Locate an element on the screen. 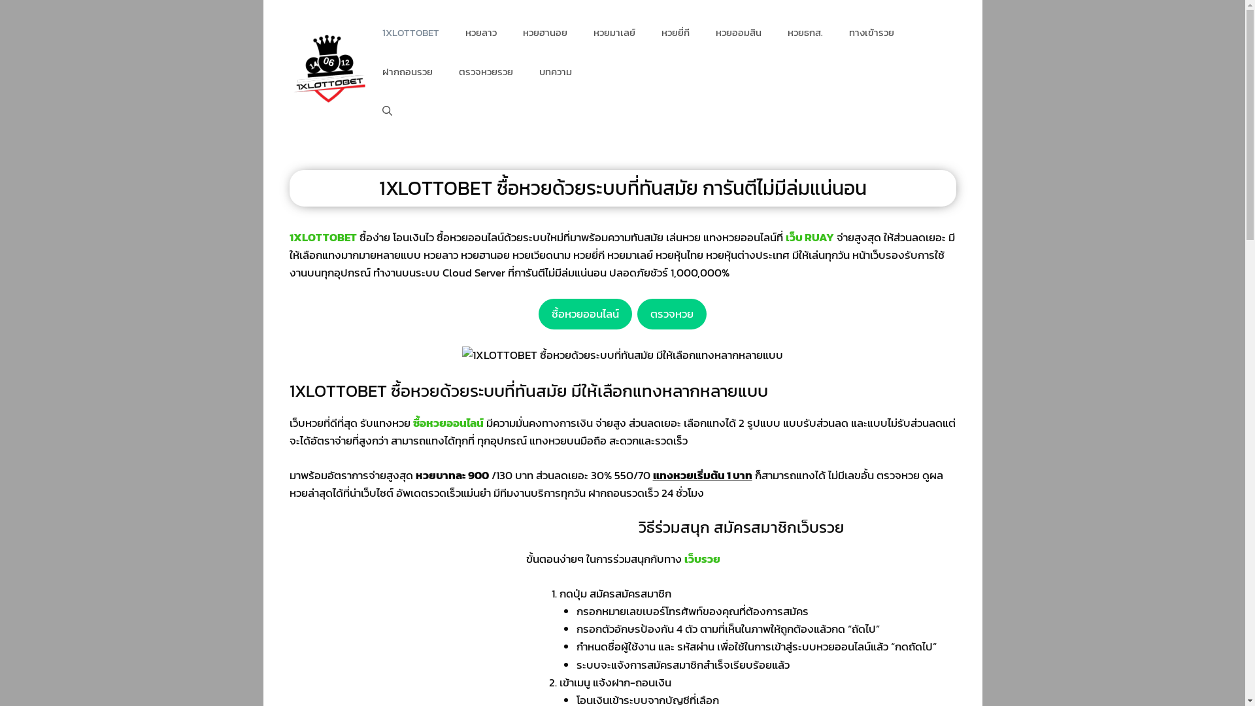 This screenshot has width=1255, height=706. '1XLOTTOBET' is located at coordinates (410, 32).